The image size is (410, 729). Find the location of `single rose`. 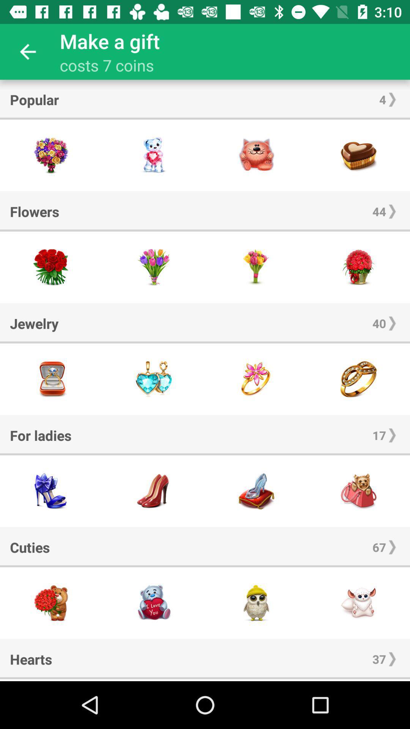

single rose is located at coordinates (256, 267).